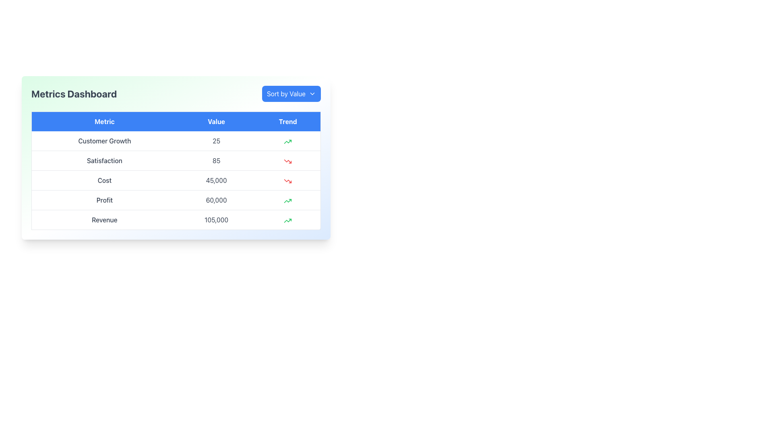 The width and height of the screenshot is (773, 435). I want to click on the 'Cost' text label which is bold and centered in the third row under the 'Metric' column of the table, so click(104, 180).